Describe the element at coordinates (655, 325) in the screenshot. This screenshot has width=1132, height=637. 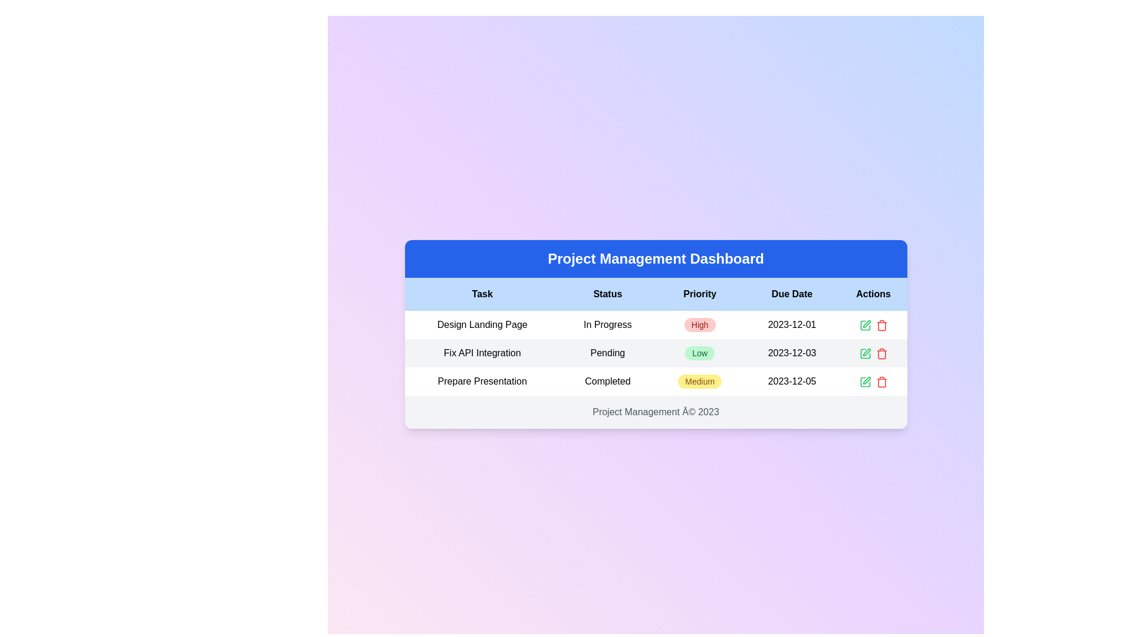
I see `the first row of the table` at that location.